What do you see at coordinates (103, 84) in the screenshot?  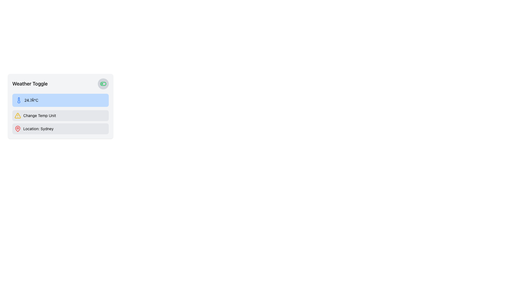 I see `the interactive toggle switch button` at bounding box center [103, 84].